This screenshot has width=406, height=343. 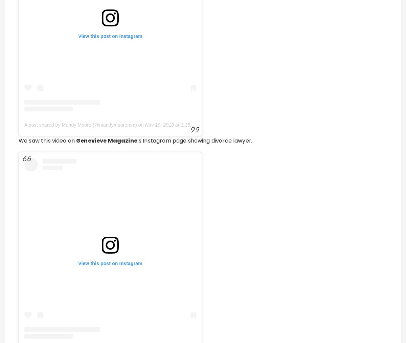 What do you see at coordinates (97, 192) in the screenshot?
I see `'LoveweddingsNG'` at bounding box center [97, 192].